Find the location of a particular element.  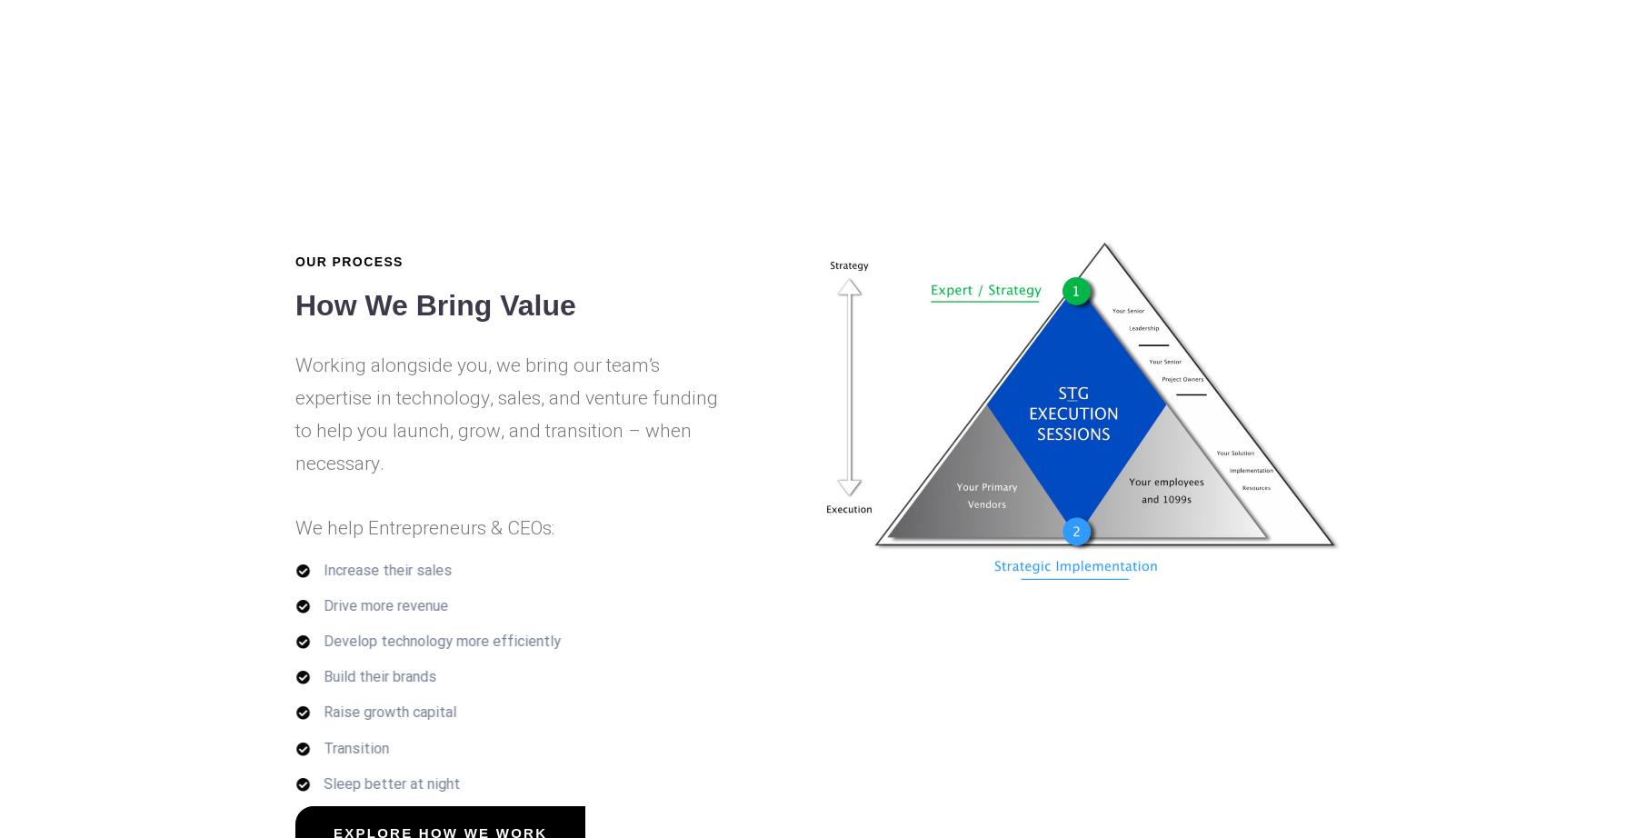

'Drive more revenue' is located at coordinates (384, 604).